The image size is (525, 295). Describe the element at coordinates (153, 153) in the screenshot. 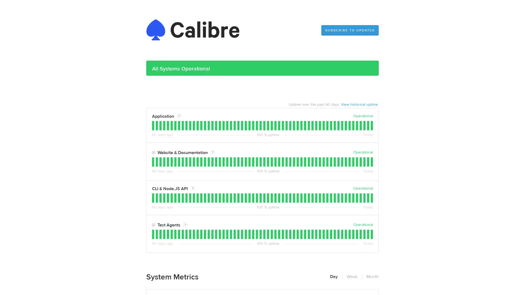

I see `Toggle Website & Documentation` at that location.